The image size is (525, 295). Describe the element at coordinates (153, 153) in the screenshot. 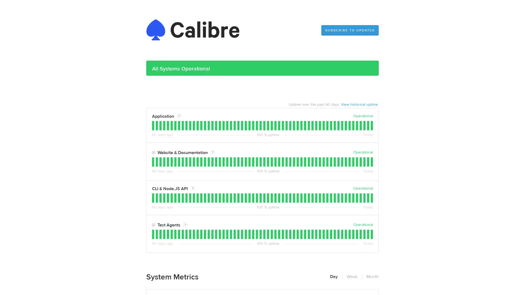

I see `Toggle Website & Documentation` at that location.